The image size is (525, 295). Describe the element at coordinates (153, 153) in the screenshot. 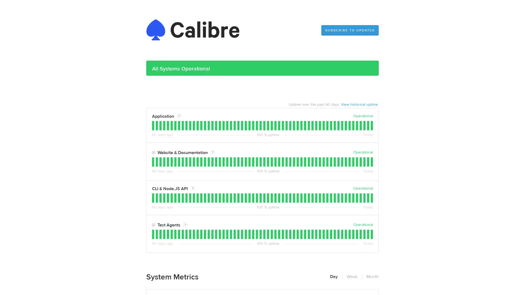

I see `Toggle Website & Documentation` at that location.